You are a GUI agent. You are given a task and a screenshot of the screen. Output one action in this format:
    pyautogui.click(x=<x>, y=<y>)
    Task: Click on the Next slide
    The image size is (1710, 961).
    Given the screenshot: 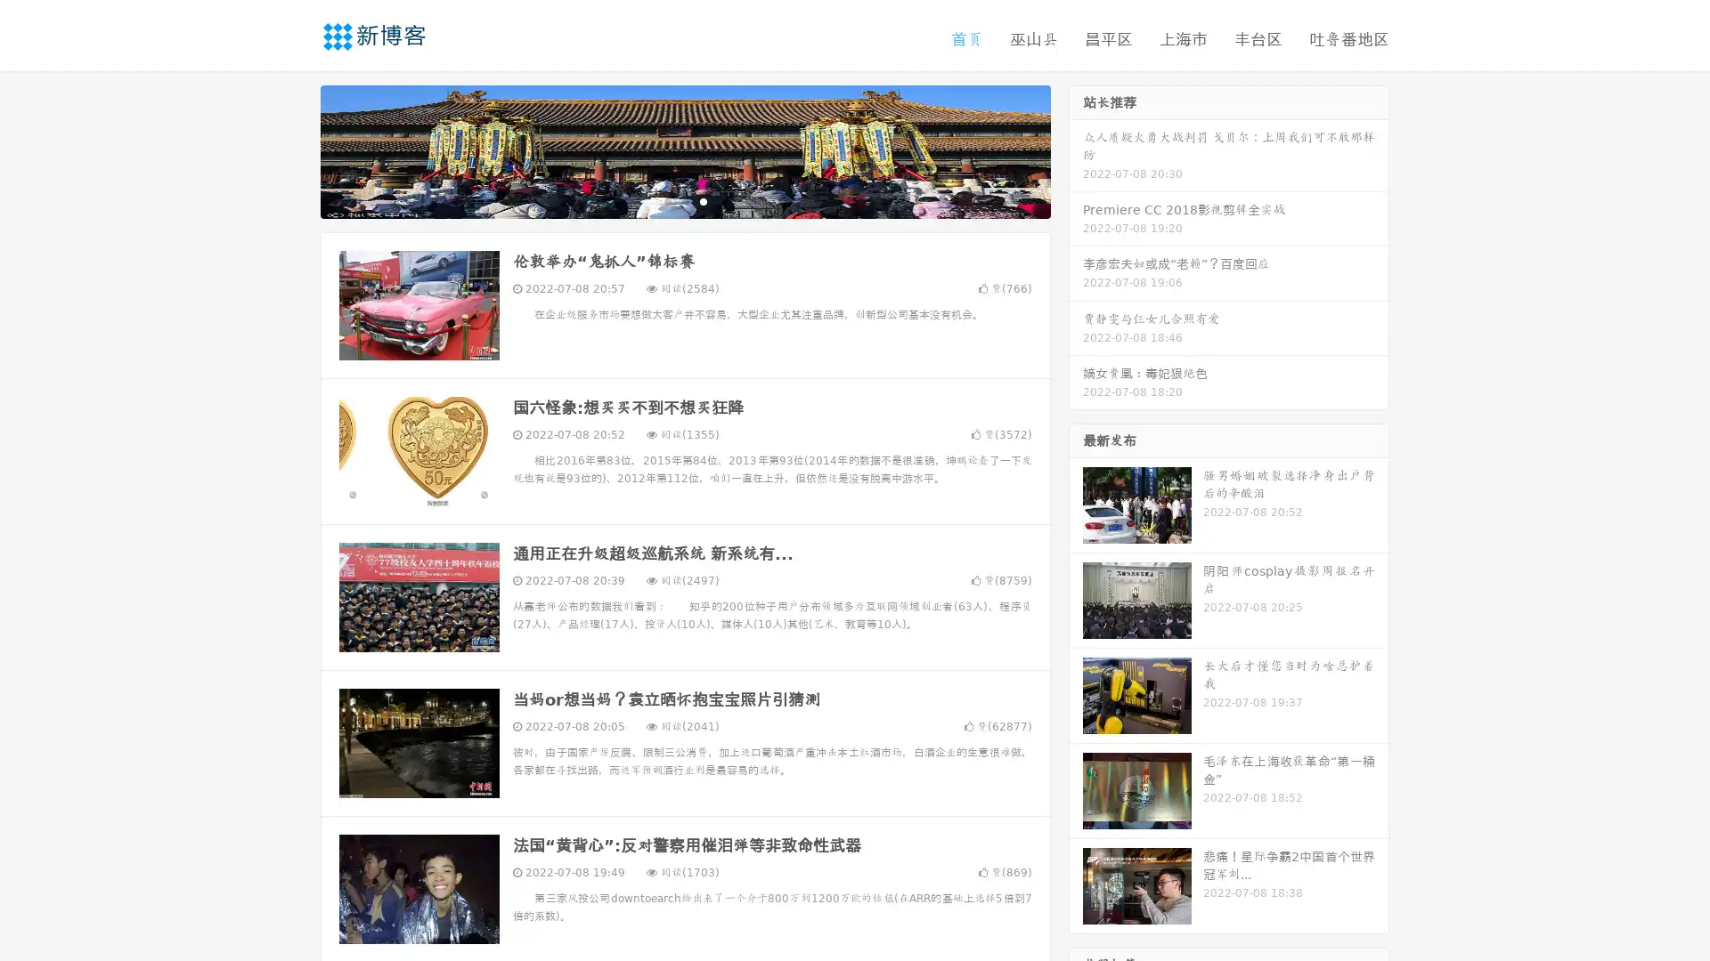 What is the action you would take?
    pyautogui.click(x=1076, y=149)
    